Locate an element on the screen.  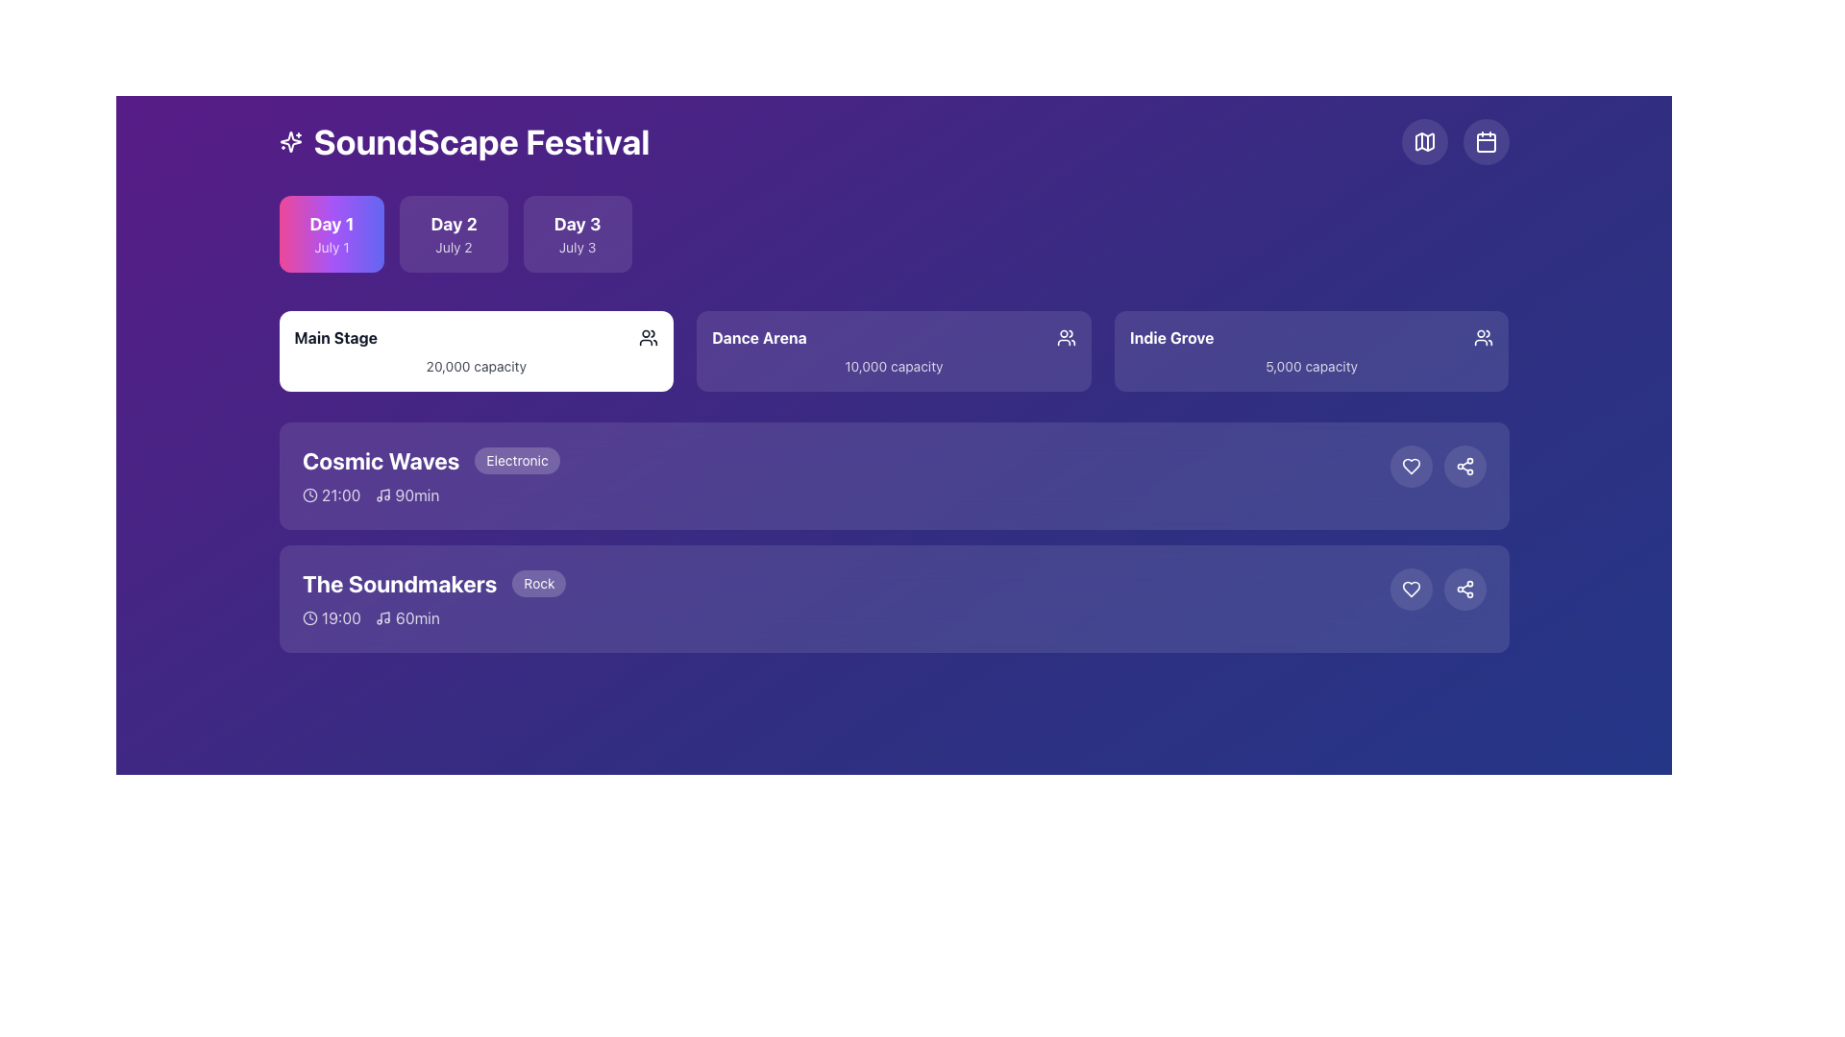
and interpret the text from the Text Label that provides information about the maximum capacity of the venue 'Indie Grove', located beneath the title within the rectangular card is located at coordinates (1311, 366).